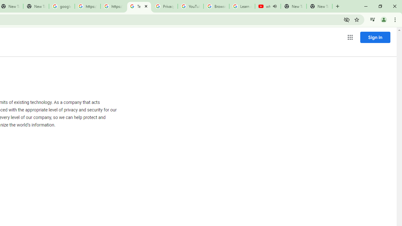 This screenshot has height=226, width=402. Describe the element at coordinates (274, 6) in the screenshot. I see `'Mute tab'` at that location.